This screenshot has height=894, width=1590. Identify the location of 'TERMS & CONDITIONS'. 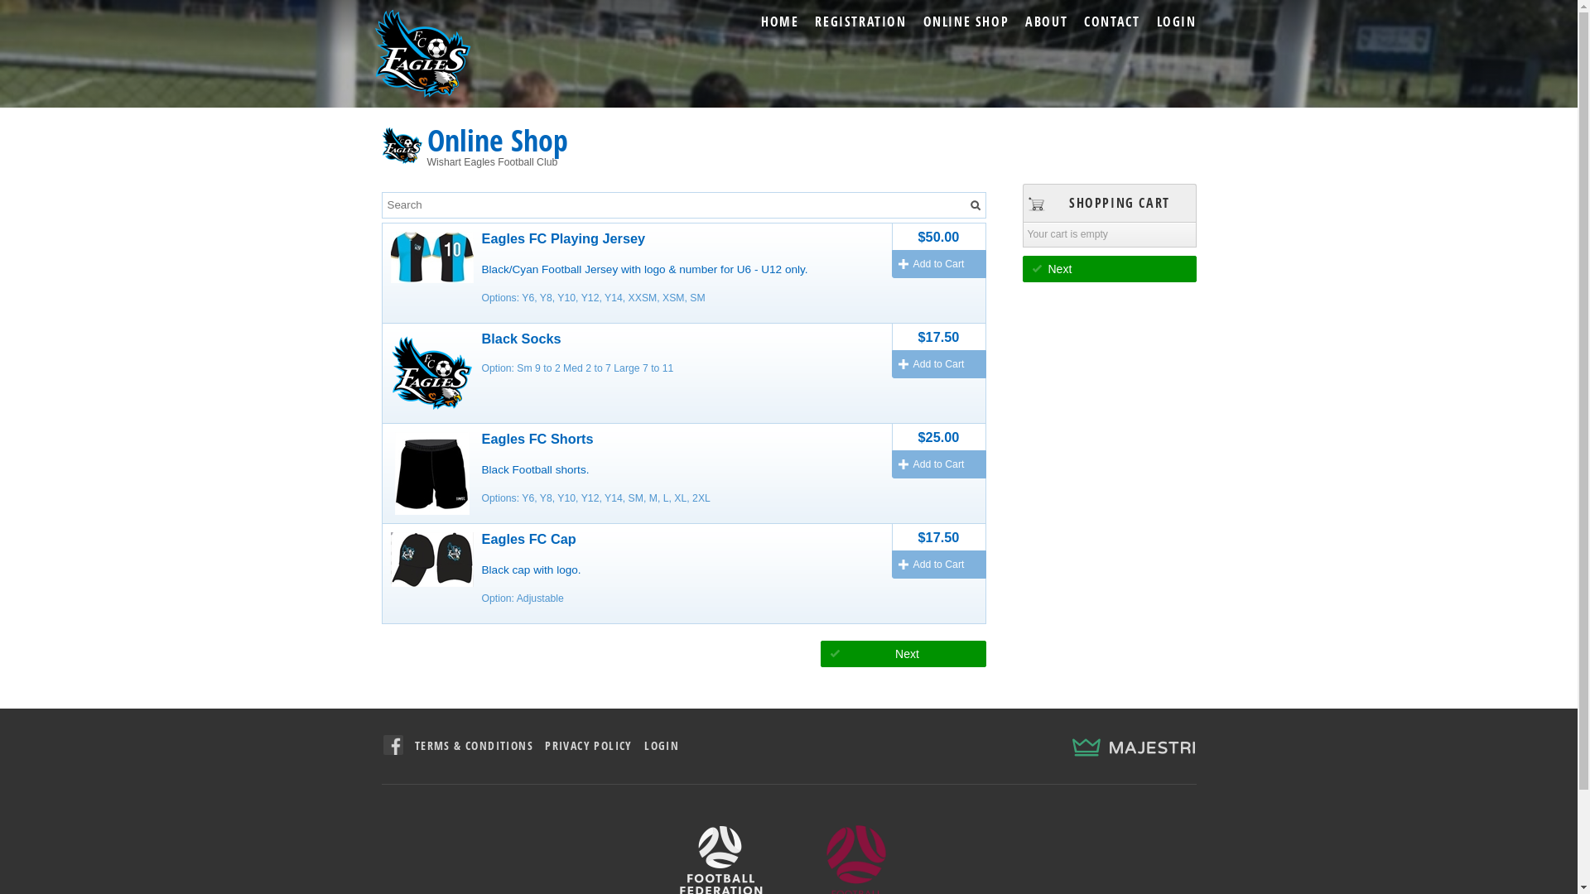
(473, 745).